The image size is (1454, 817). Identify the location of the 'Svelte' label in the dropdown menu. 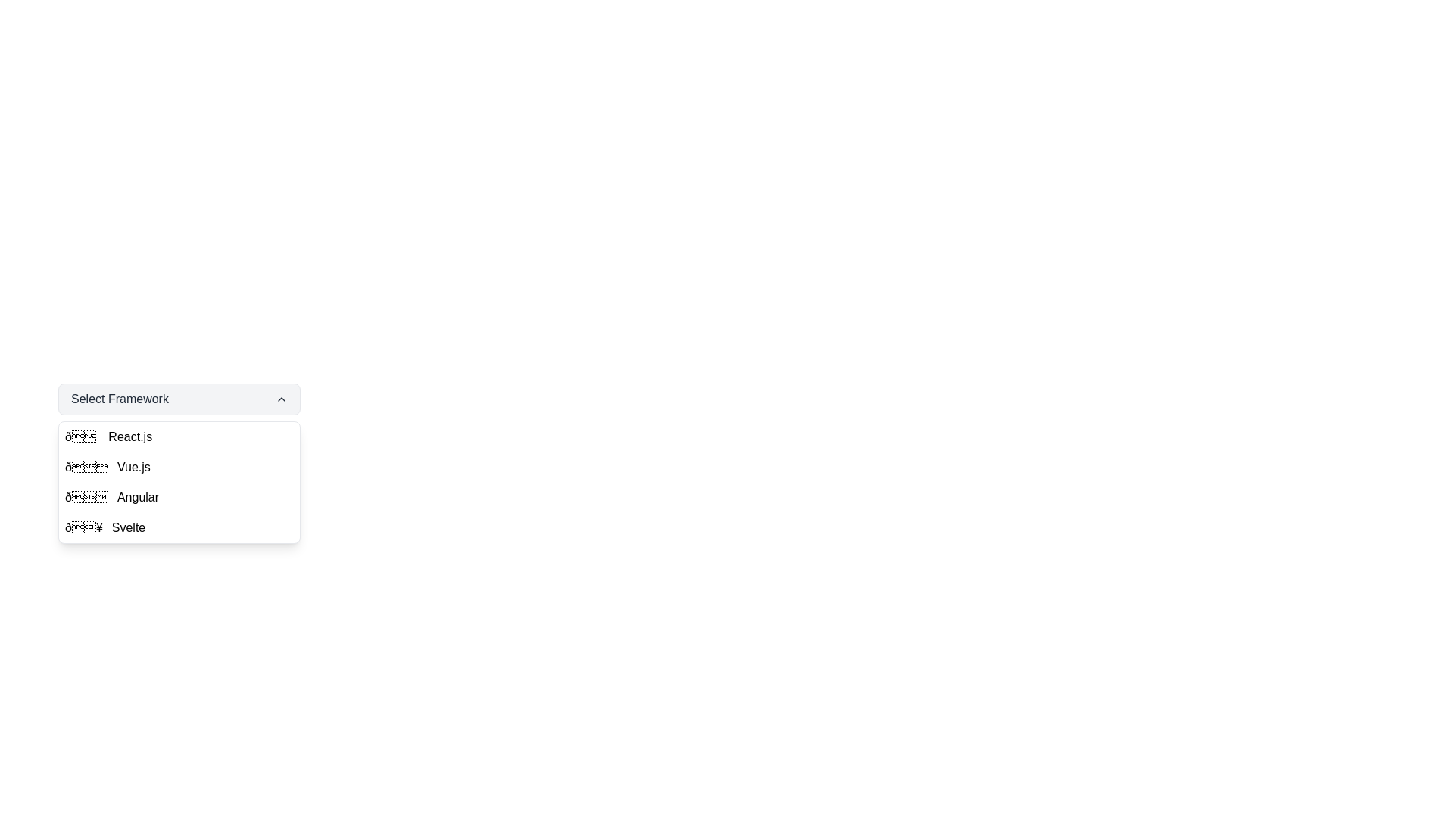
(129, 527).